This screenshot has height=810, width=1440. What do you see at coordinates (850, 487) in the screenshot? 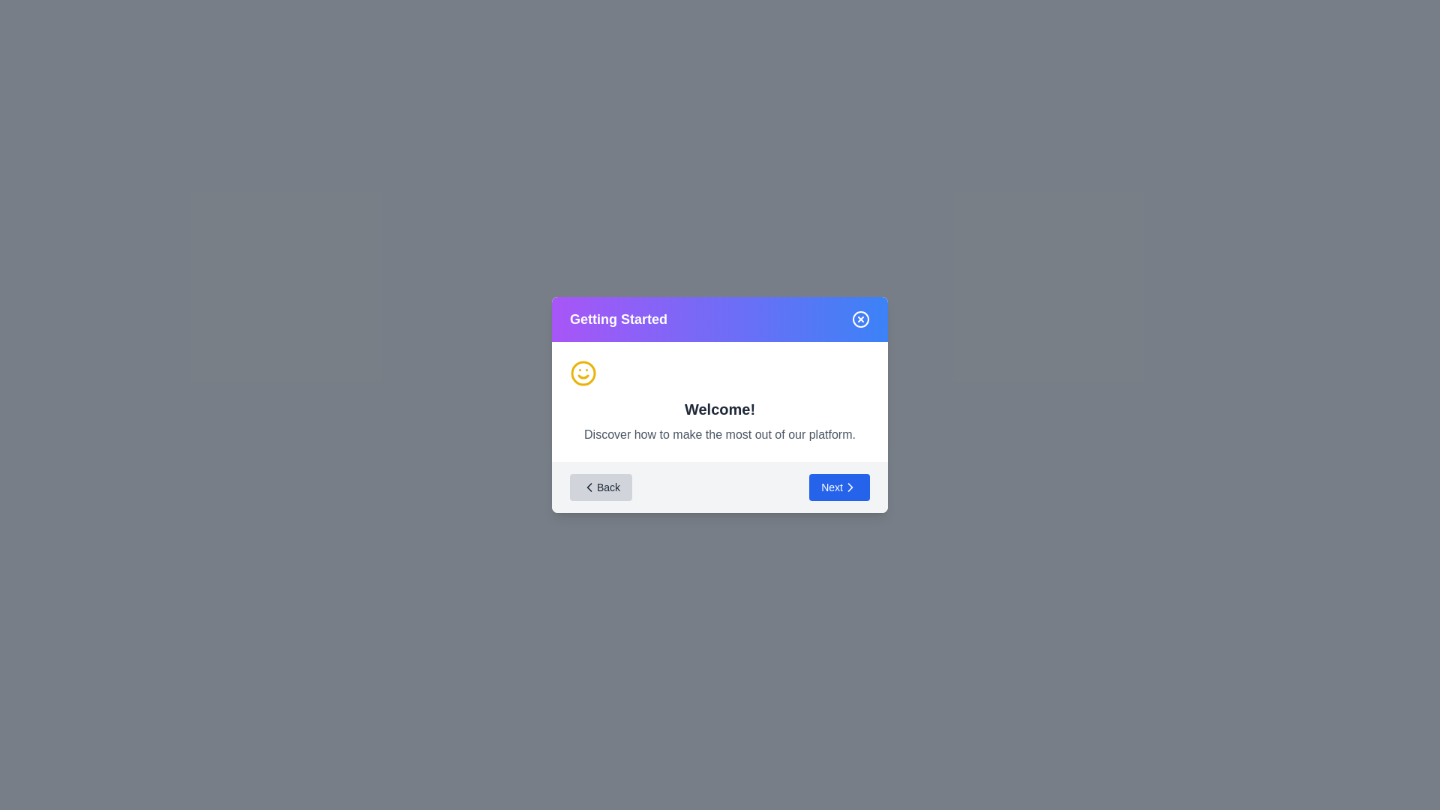
I see `the icon located at the bottom-right of the 'Next' button to interact with it and proceed to the next step` at bounding box center [850, 487].